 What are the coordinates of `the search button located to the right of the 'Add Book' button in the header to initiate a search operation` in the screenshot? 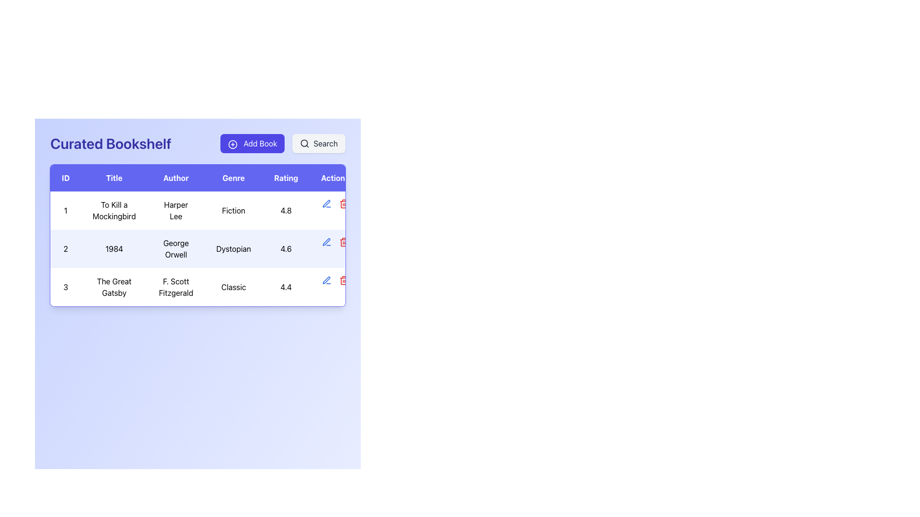 It's located at (319, 144).